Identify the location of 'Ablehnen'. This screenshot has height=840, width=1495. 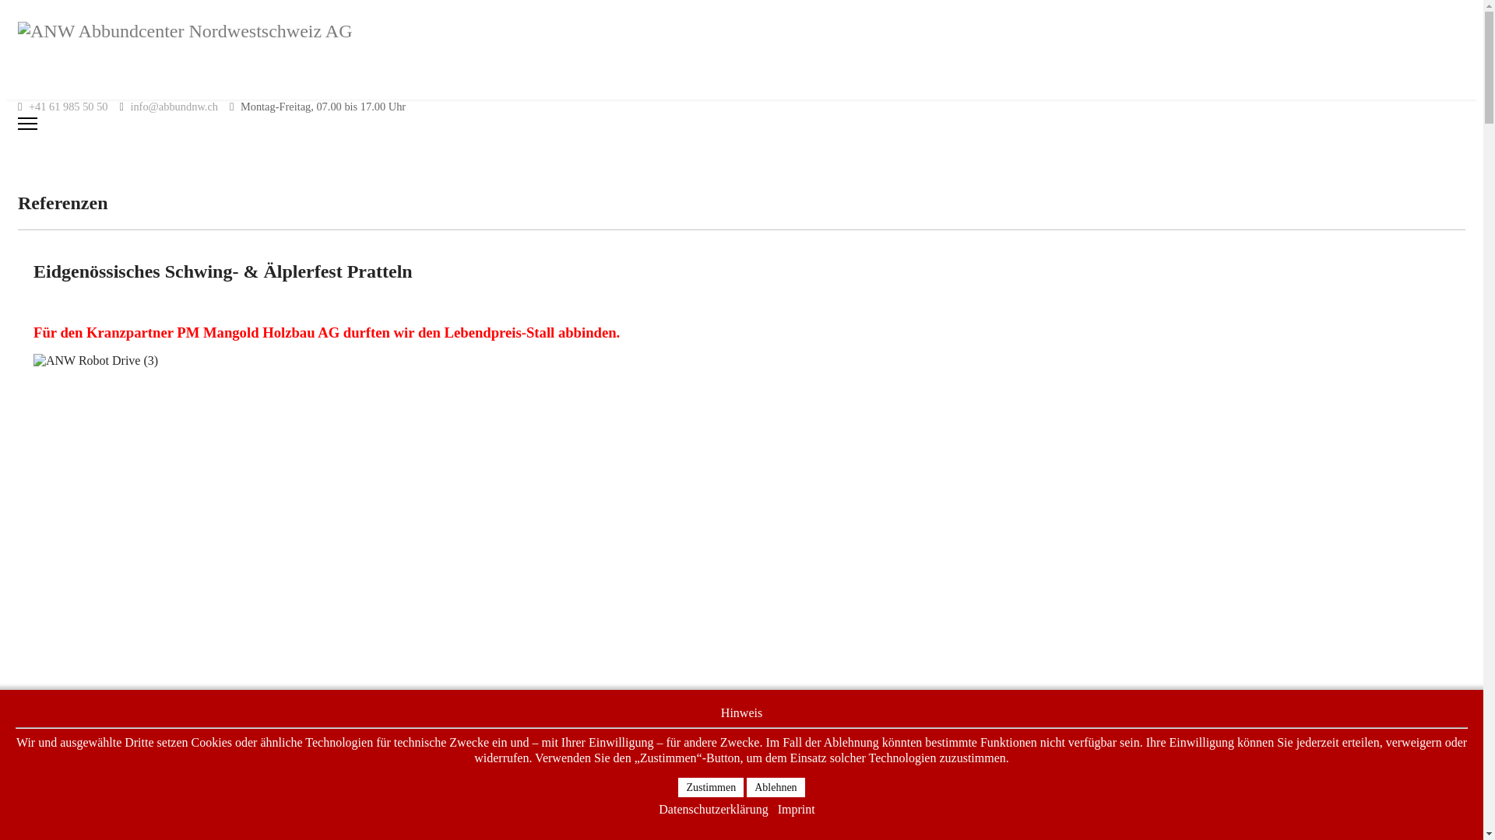
(746, 787).